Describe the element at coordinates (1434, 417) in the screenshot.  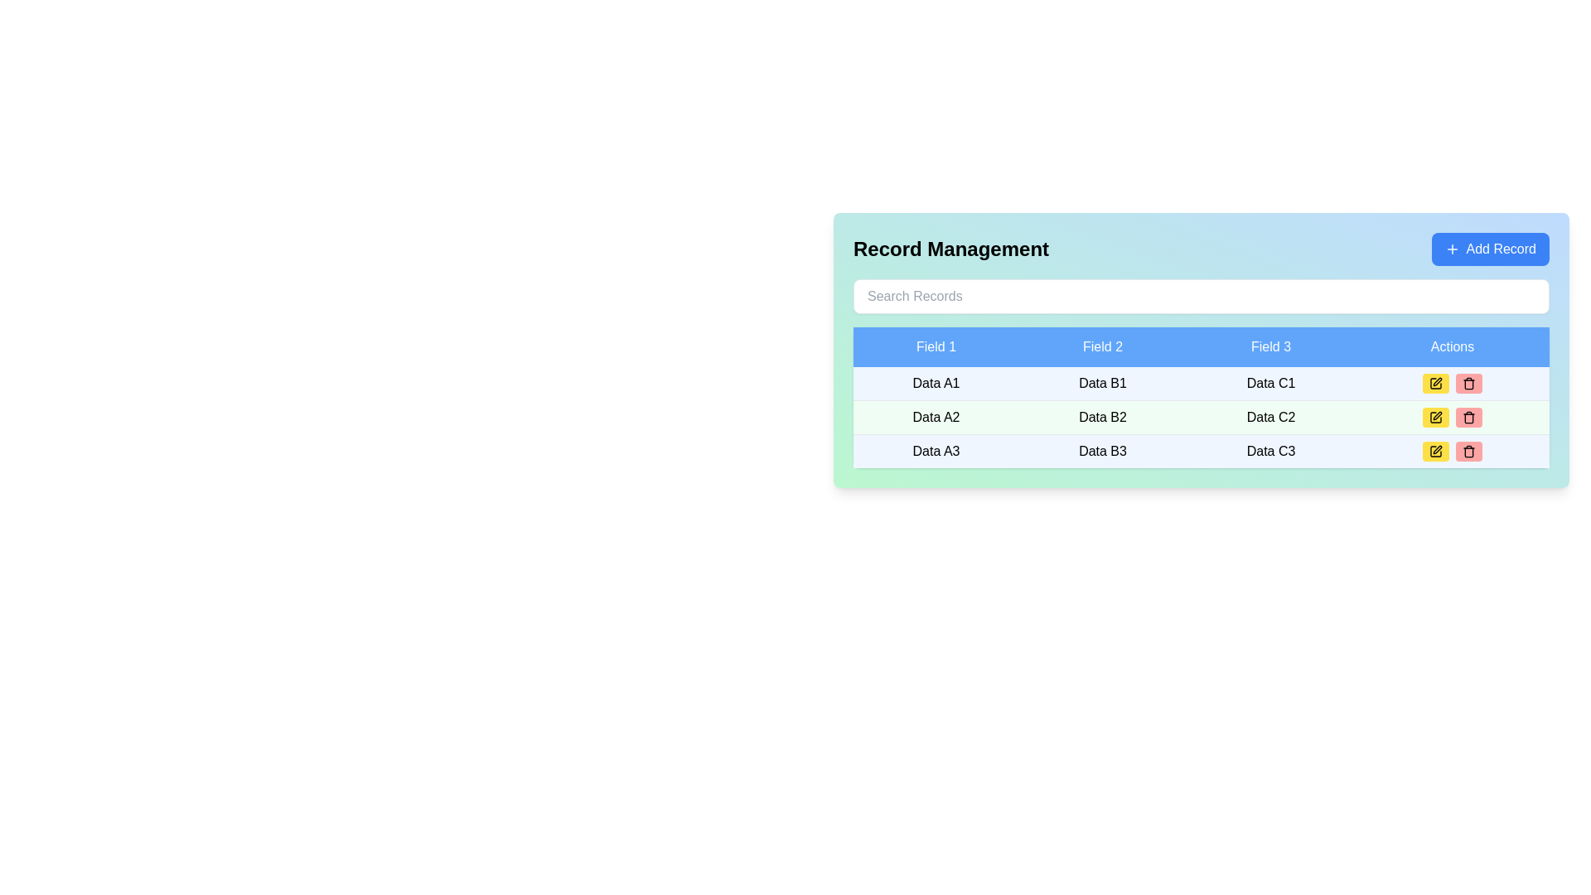
I see `the edit button located in the 'Actions' column of the data table for the 'Data A2' entry` at that location.